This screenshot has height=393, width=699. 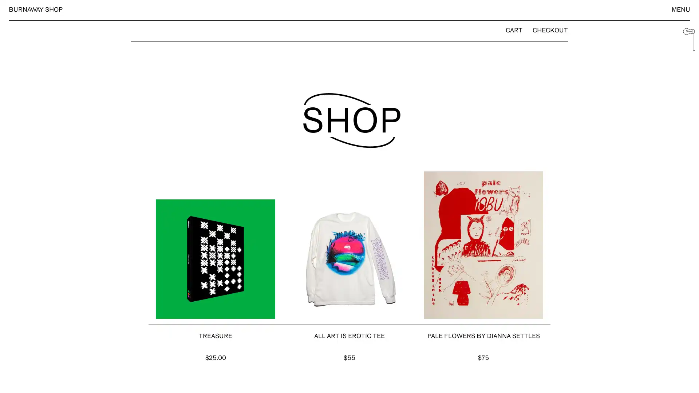 I want to click on MENU, so click(x=680, y=10).